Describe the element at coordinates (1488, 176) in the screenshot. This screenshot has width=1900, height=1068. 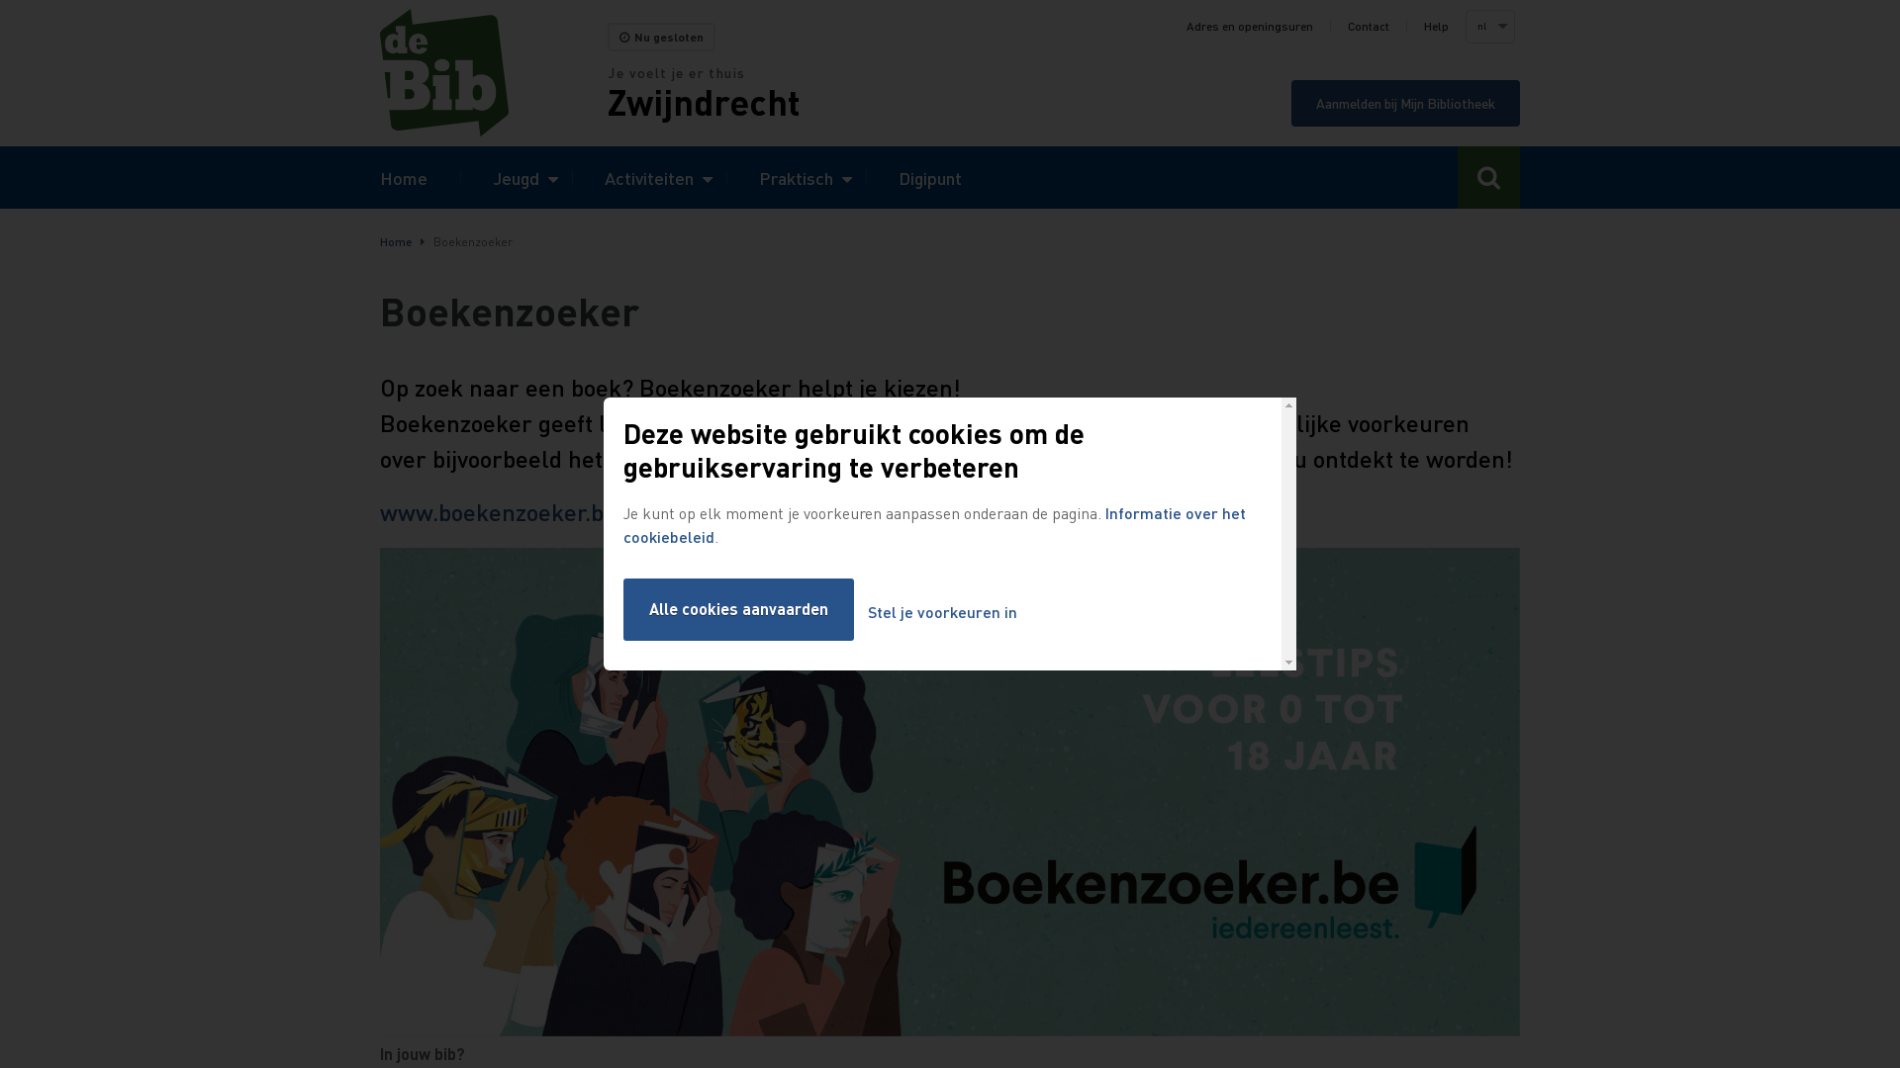
I see `'Toggle search'` at that location.